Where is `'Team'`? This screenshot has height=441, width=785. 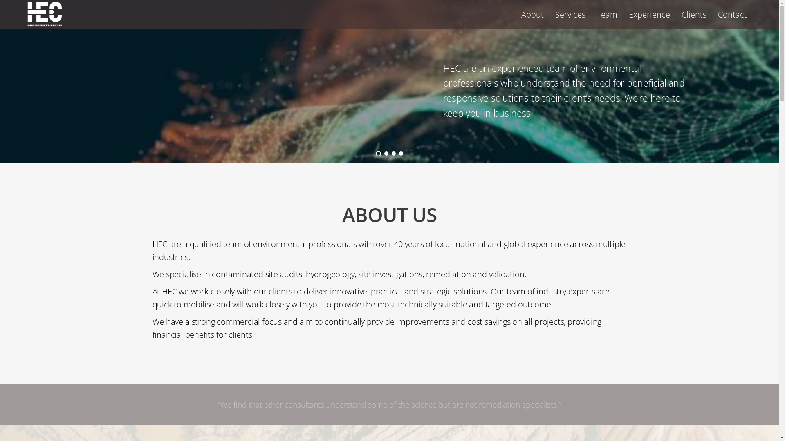
'Team' is located at coordinates (592, 14).